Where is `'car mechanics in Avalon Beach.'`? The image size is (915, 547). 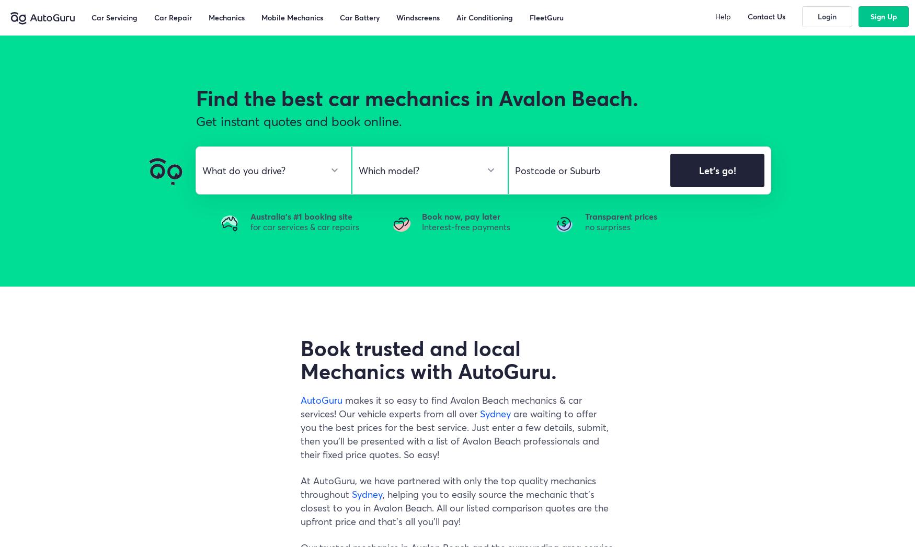 'car mechanics in Avalon Beach.' is located at coordinates (483, 98).